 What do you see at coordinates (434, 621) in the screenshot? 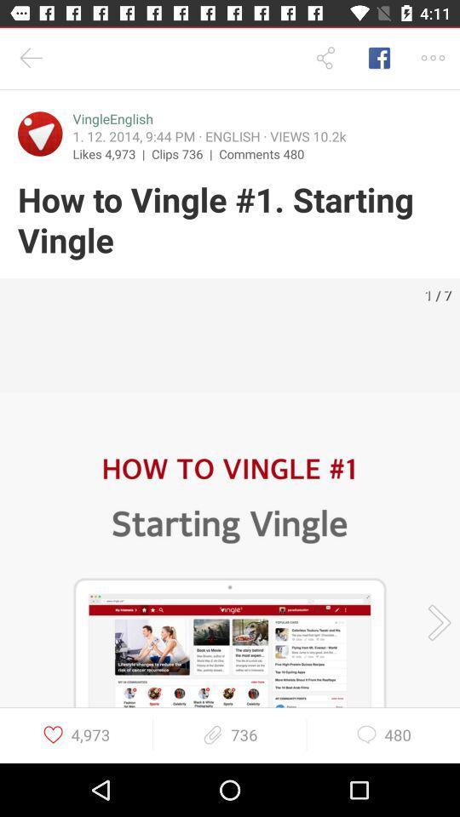
I see `the item below 1 / 7 item` at bounding box center [434, 621].